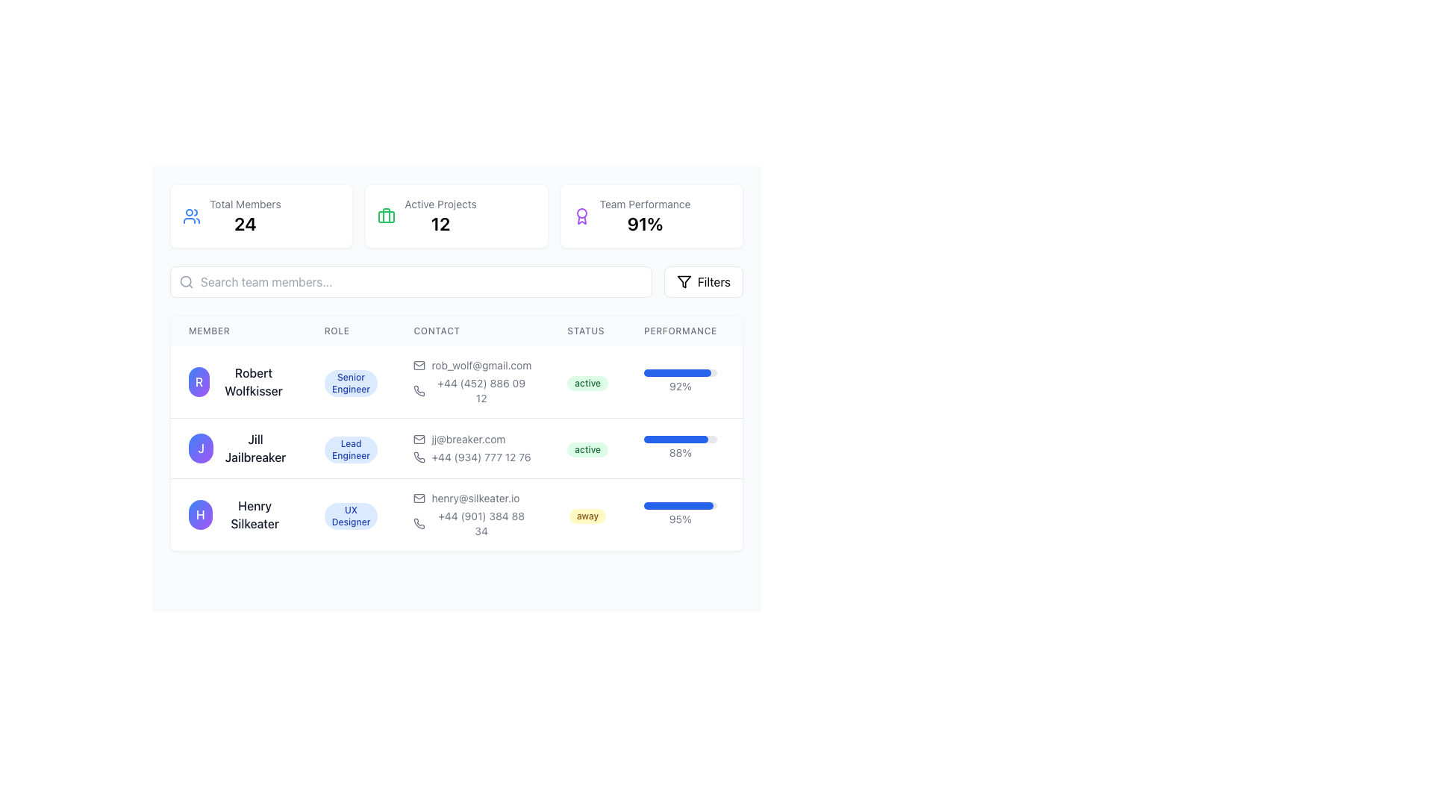  Describe the element at coordinates (472, 498) in the screenshot. I see `the static text displaying the email address 'henry@silkeater.io' related to Henry Silkeater, located in the 'Contact' column of the third row in the table` at that location.